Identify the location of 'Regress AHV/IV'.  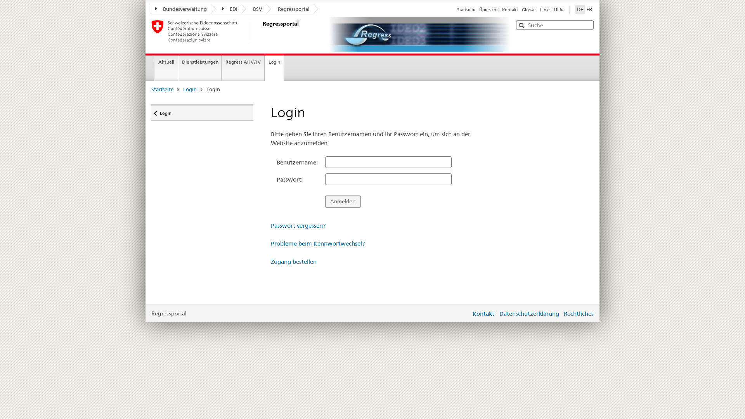
(221, 68).